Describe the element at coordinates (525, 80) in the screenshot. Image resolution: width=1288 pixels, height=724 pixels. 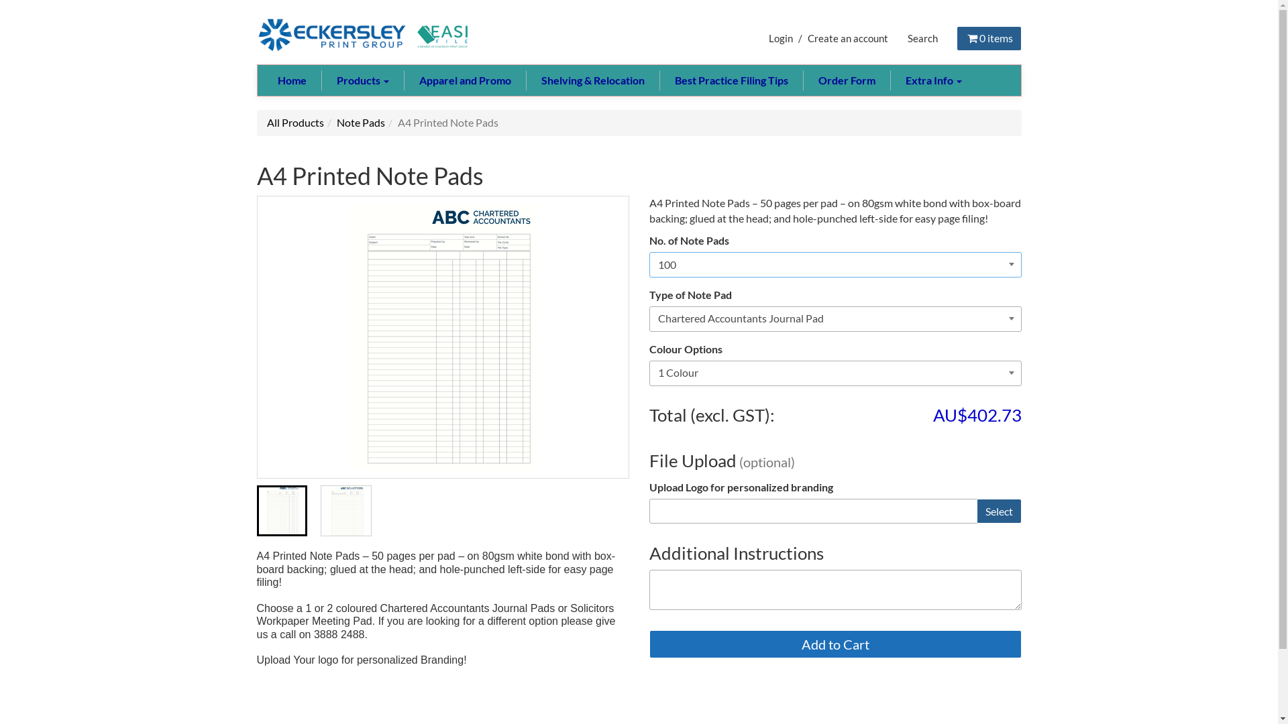
I see `'Shelving & Relocation'` at that location.